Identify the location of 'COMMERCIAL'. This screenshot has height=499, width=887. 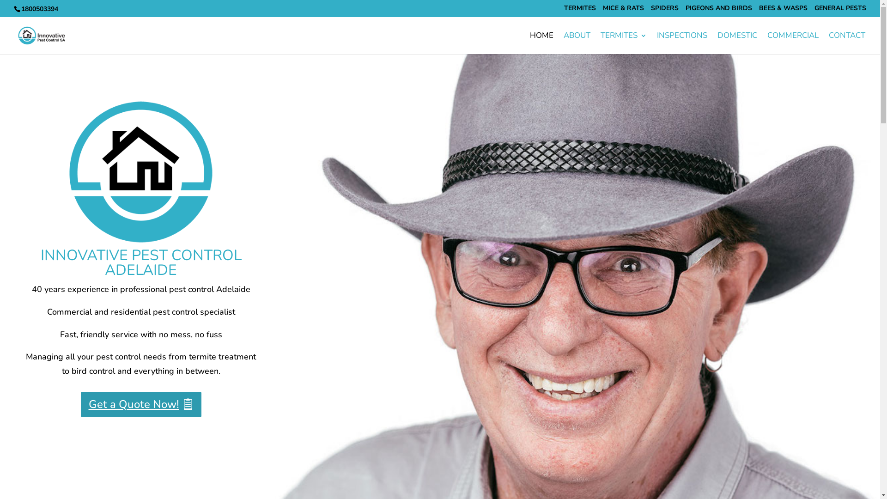
(792, 43).